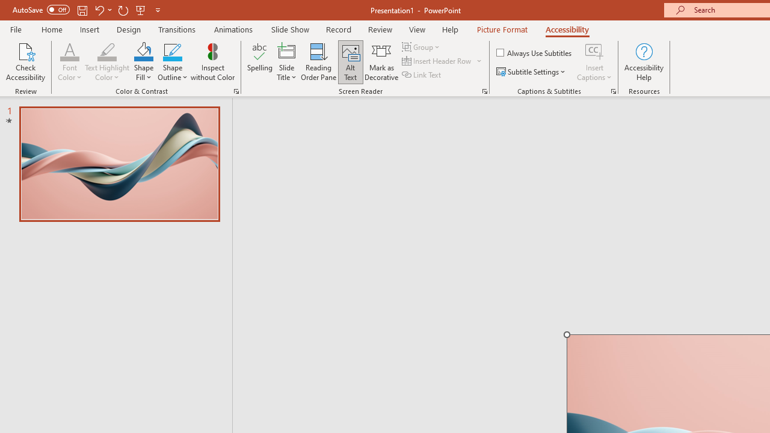 Image resolution: width=770 pixels, height=433 pixels. I want to click on 'Reading Order Pane', so click(318, 62).